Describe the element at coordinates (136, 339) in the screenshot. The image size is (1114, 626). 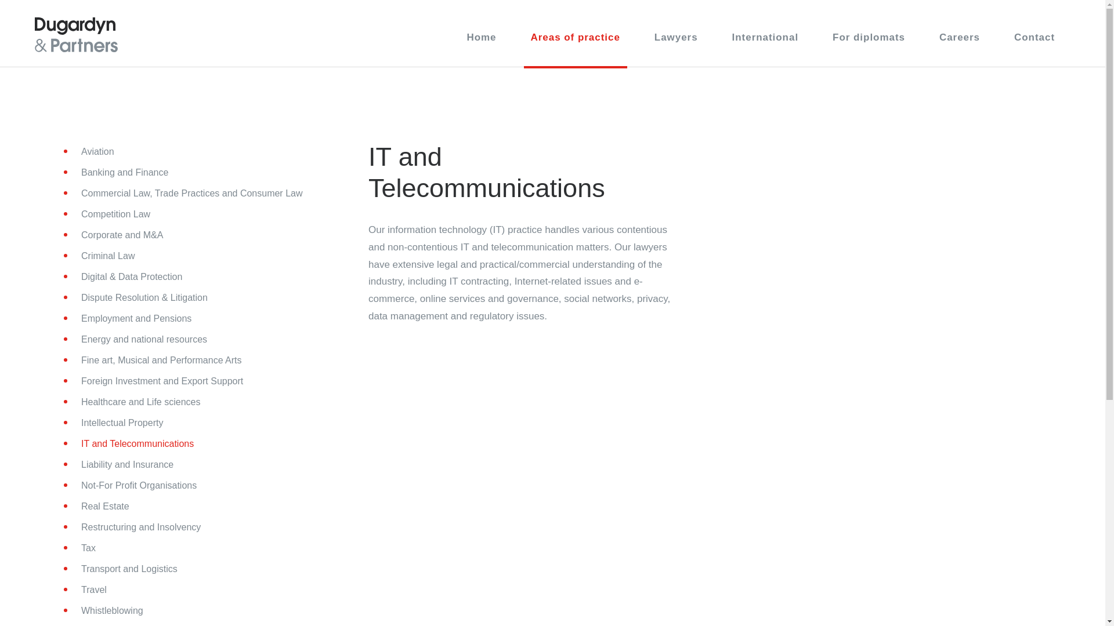
I see `'Energy and national resources'` at that location.